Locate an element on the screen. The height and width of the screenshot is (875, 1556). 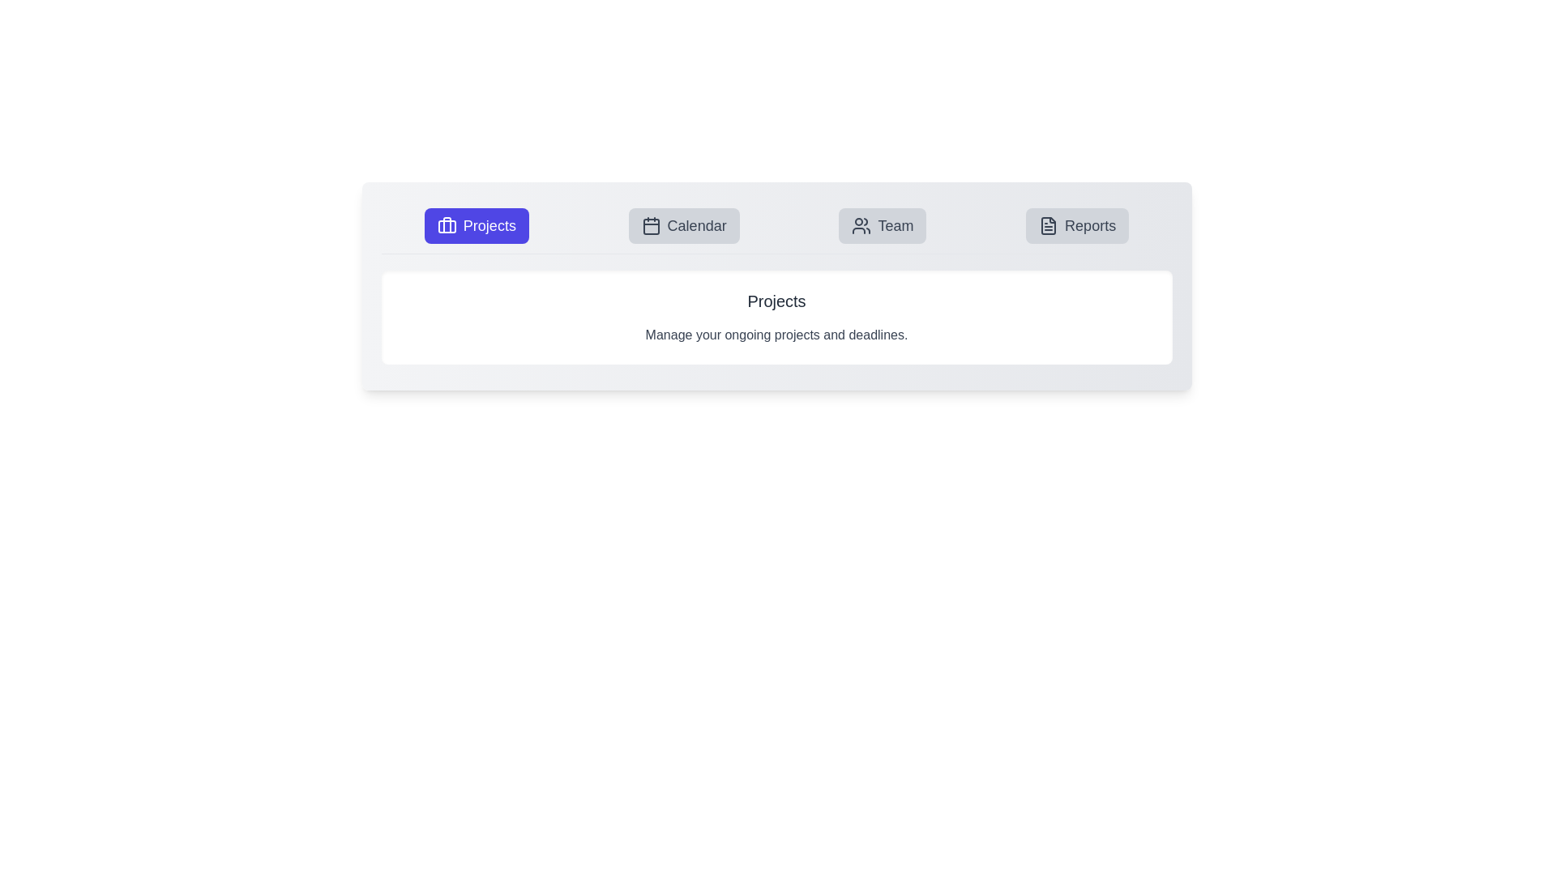
the Team tab by clicking its button is located at coordinates (882, 225).